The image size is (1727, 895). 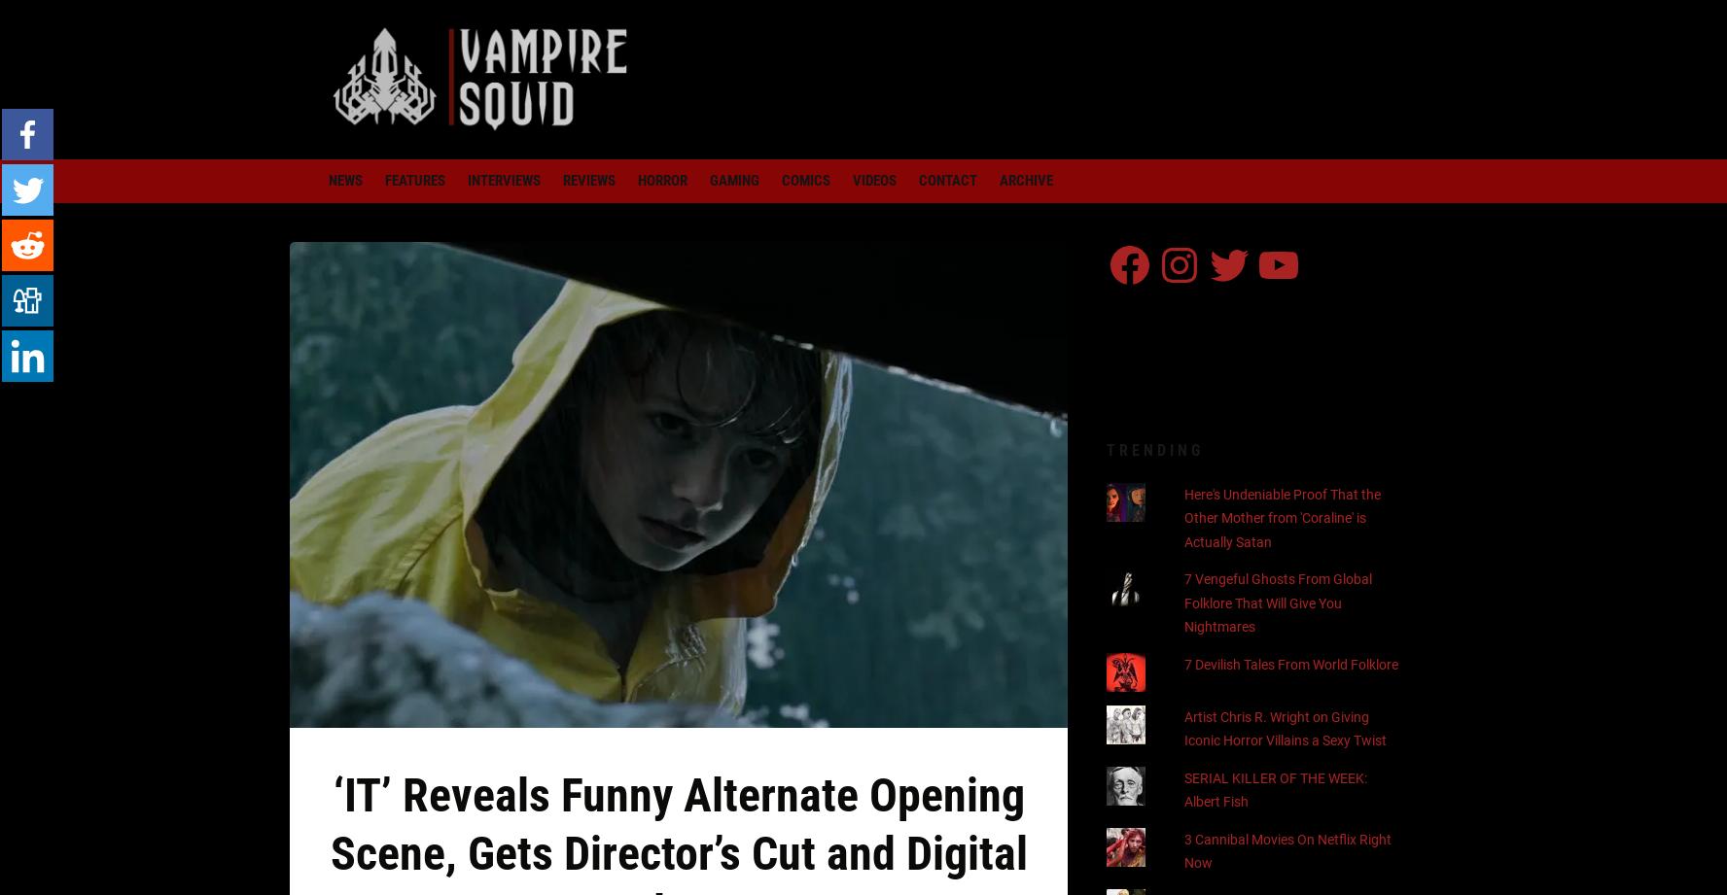 I want to click on 'Archive', so click(x=999, y=180).